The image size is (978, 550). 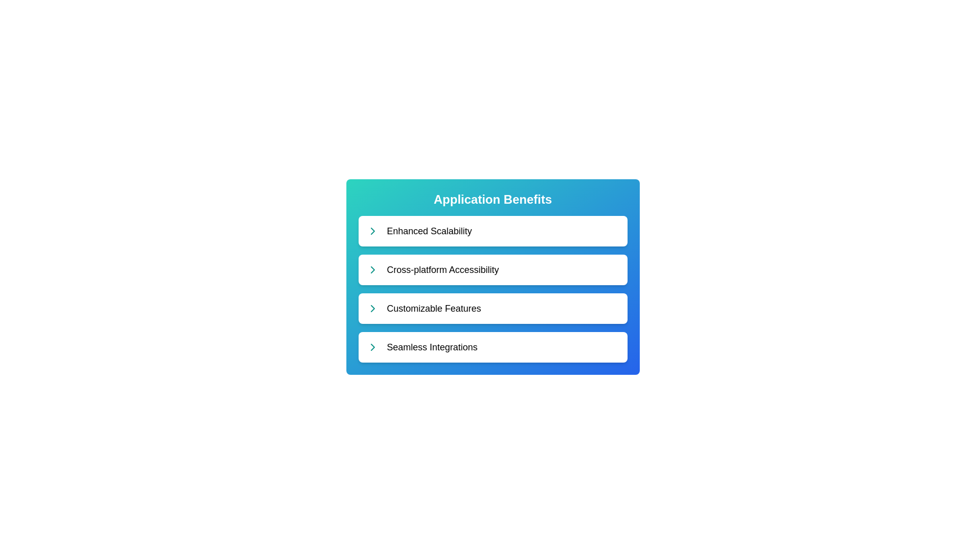 I want to click on the visual indicator icon located to the left of the text 'Cross-platform Accessibility' in the second item of the vertical list of benefits, so click(x=372, y=269).